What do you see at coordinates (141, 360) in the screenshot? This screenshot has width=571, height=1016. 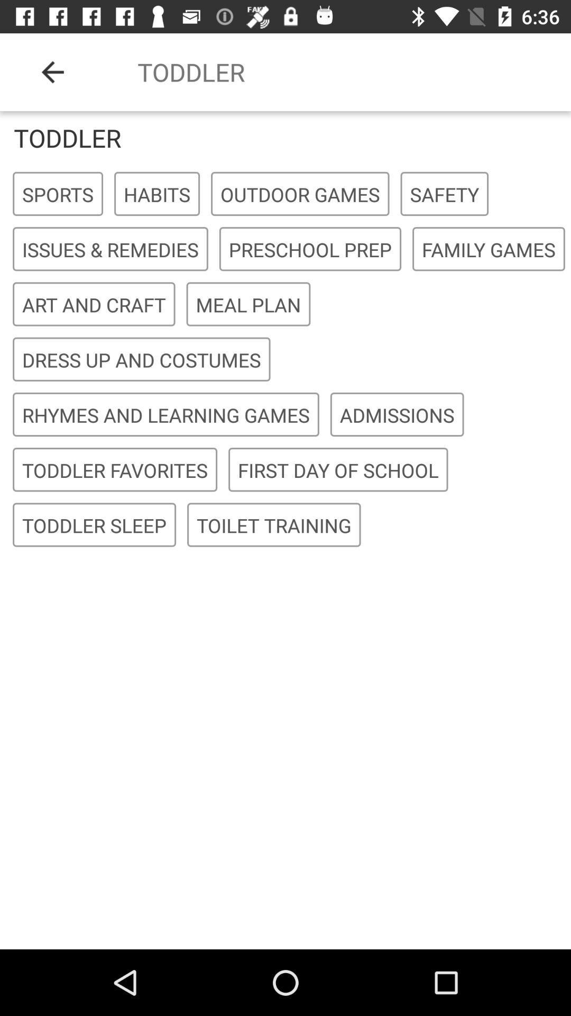 I see `the dress up and icon` at bounding box center [141, 360].